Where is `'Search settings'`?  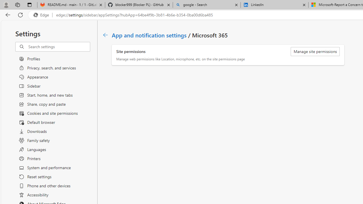 'Search settings' is located at coordinates (59, 46).